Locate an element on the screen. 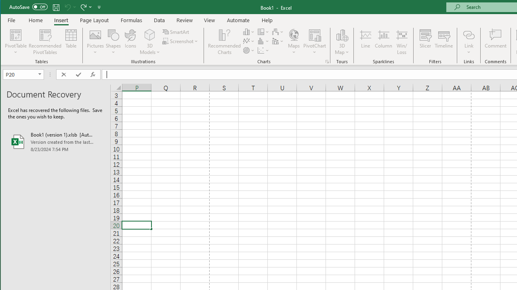  'Quick Access Toolbar' is located at coordinates (55, 7).